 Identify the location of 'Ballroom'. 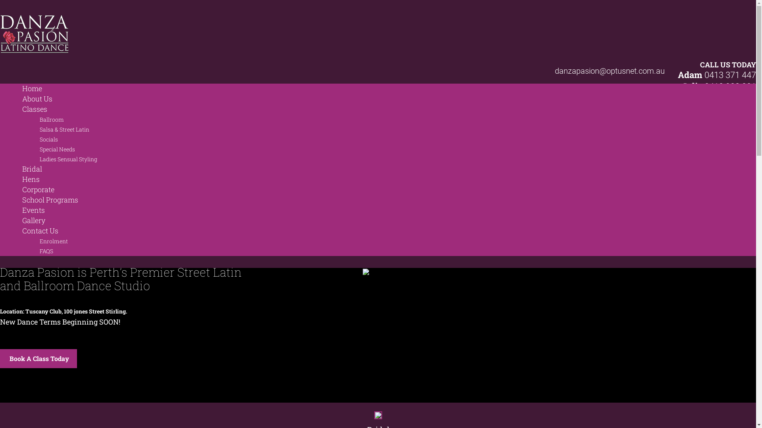
(32, 119).